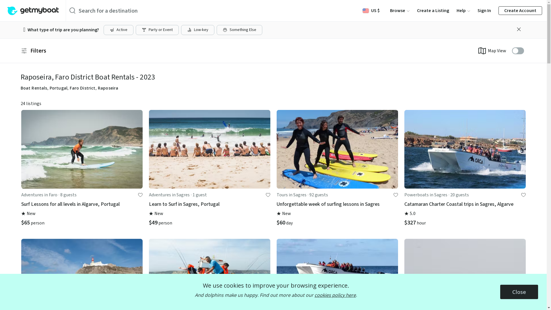  I want to click on 'Low-key', so click(198, 30).